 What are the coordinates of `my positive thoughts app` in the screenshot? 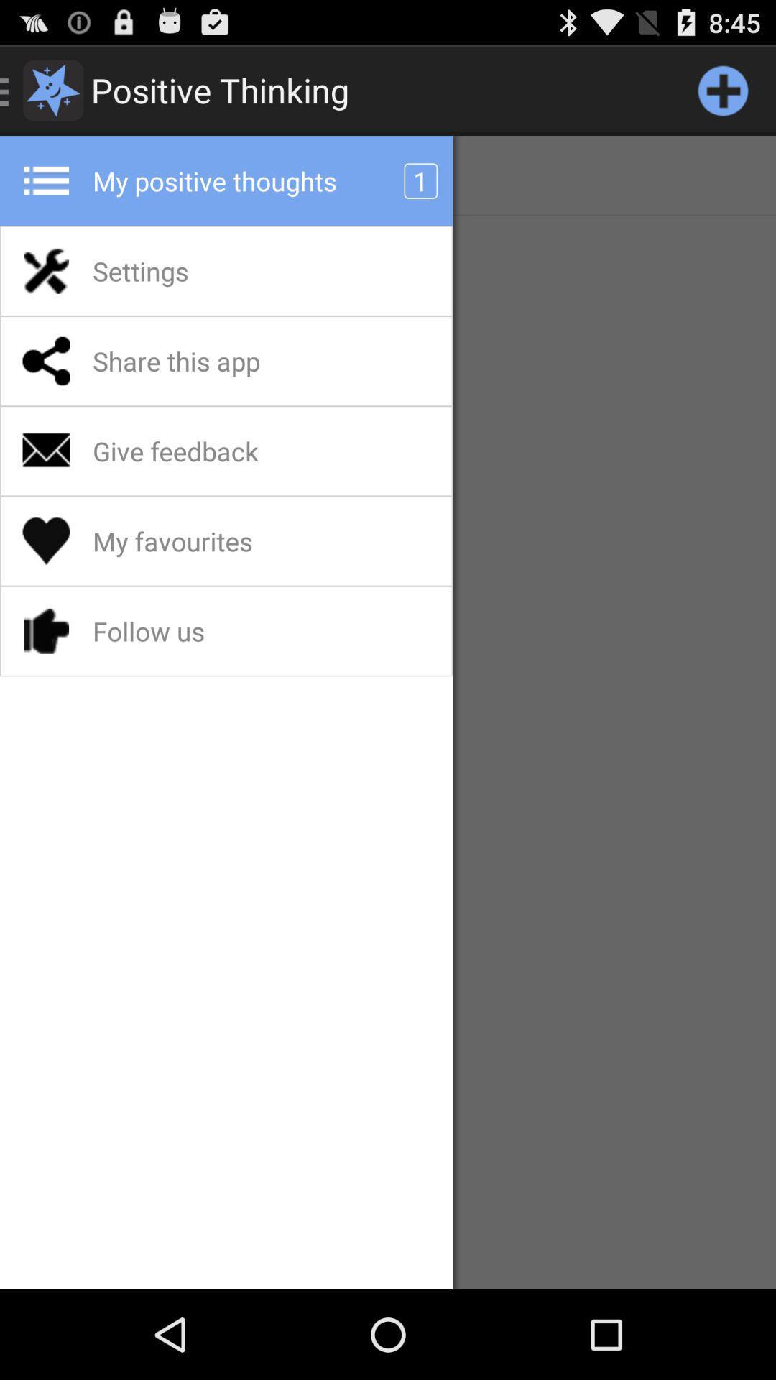 It's located at (251, 180).